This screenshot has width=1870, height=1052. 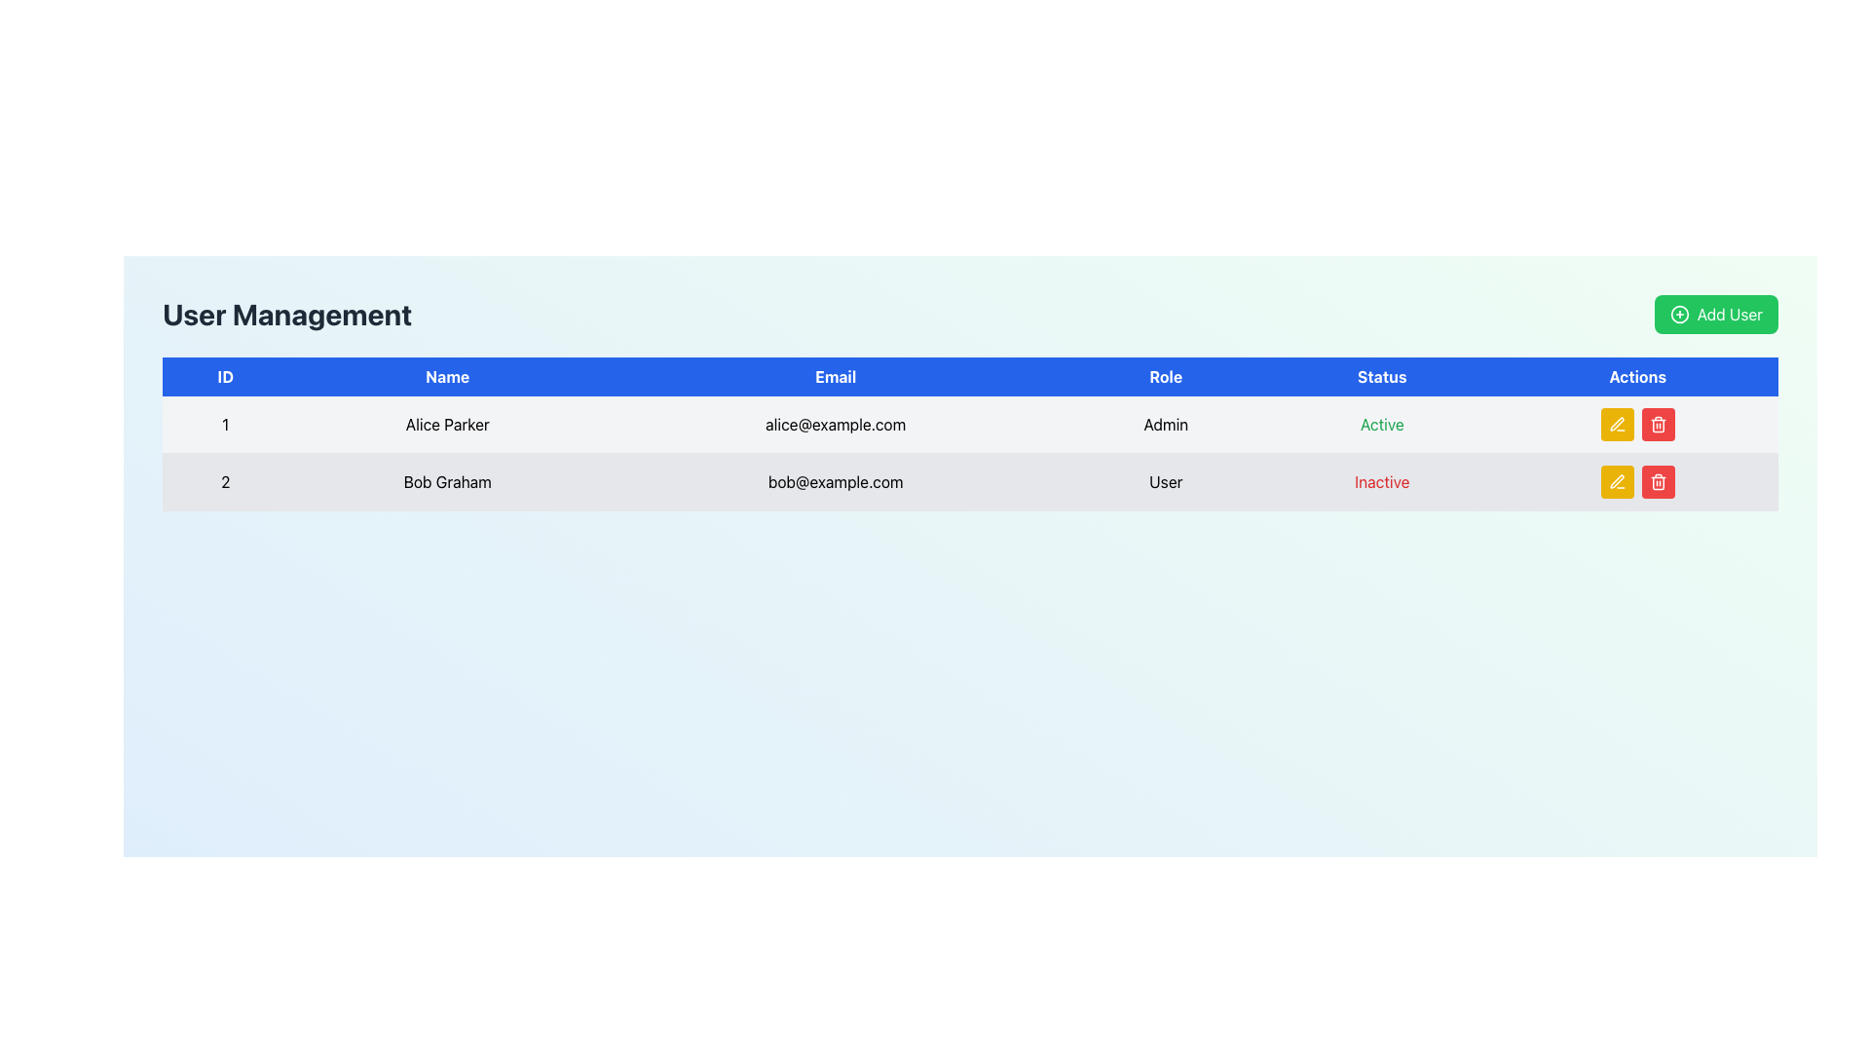 What do you see at coordinates (1617, 423) in the screenshot?
I see `the edit button in the 'Actions' column of the second row of the table, which is positioned directly to the right of the 'Status' column entry 'Inactive'` at bounding box center [1617, 423].